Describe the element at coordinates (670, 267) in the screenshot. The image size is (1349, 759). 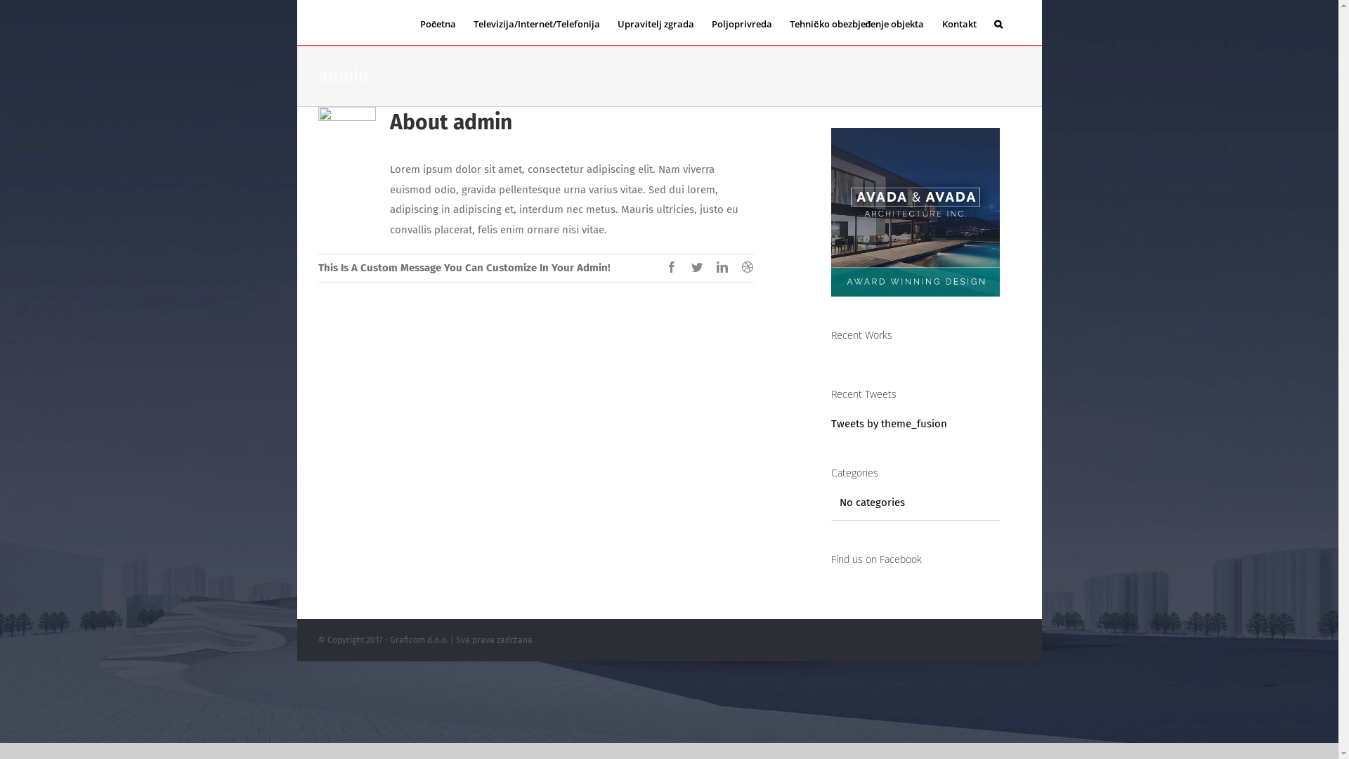
I see `'Facebook'` at that location.